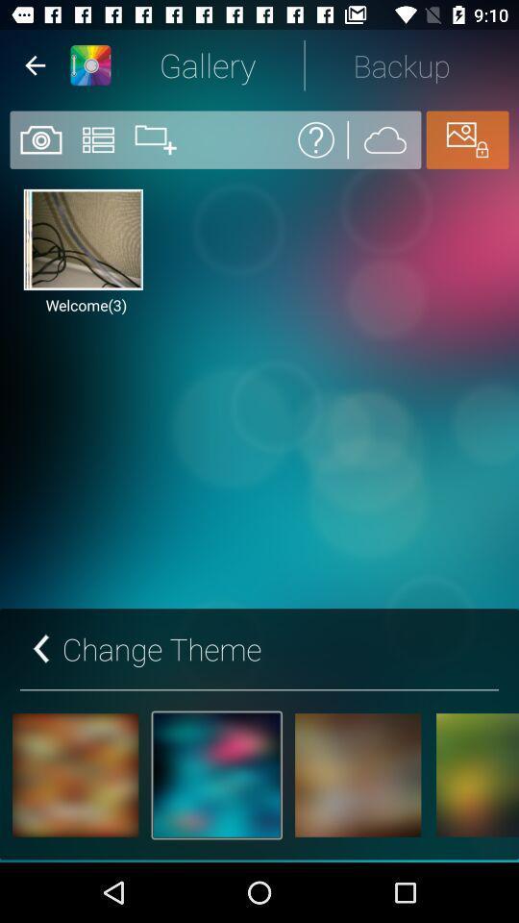 The image size is (519, 923). What do you see at coordinates (145, 649) in the screenshot?
I see `the button change theme on the web page` at bounding box center [145, 649].